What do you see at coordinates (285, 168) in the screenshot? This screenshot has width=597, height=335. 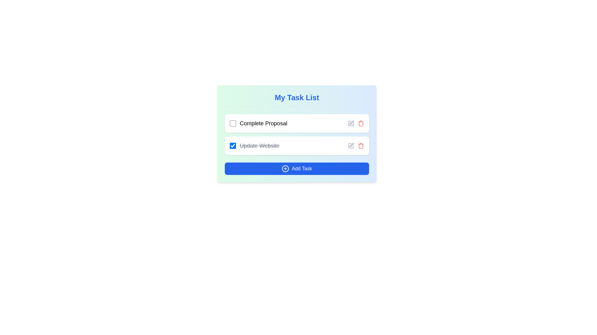 I see `the blue button that visually represents the purpose of adding a new task, which is centered with the text label 'Add Task'` at bounding box center [285, 168].